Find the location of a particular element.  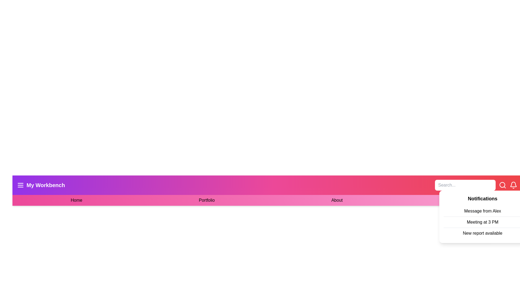

the 'About' text-based navigation link located in the upper-right section of the horizontal navigation bar to underline the text is located at coordinates (337, 200).